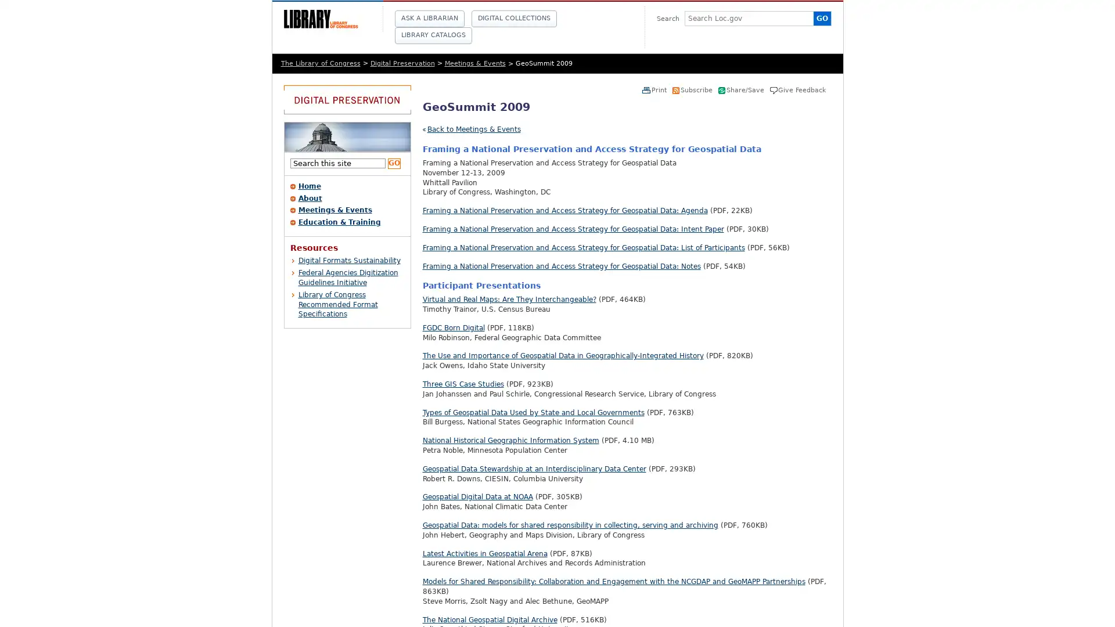 The image size is (1115, 627). What do you see at coordinates (821, 18) in the screenshot?
I see `GO` at bounding box center [821, 18].